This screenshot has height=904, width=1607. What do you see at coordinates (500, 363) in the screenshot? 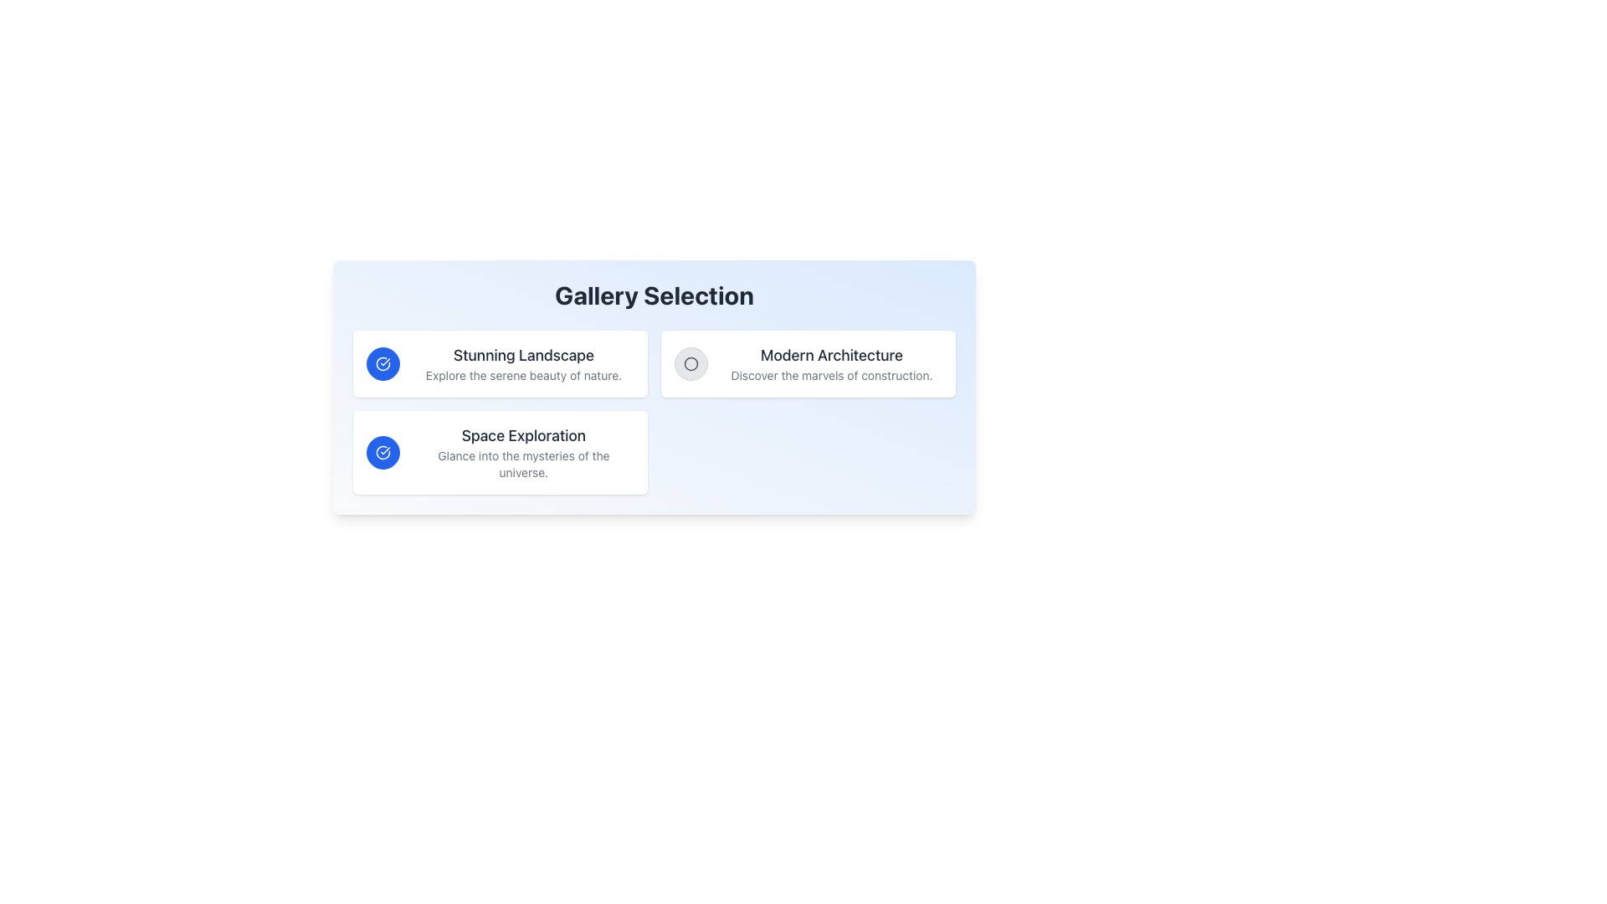
I see `the 'Stunning Landscape' selectable option button` at bounding box center [500, 363].